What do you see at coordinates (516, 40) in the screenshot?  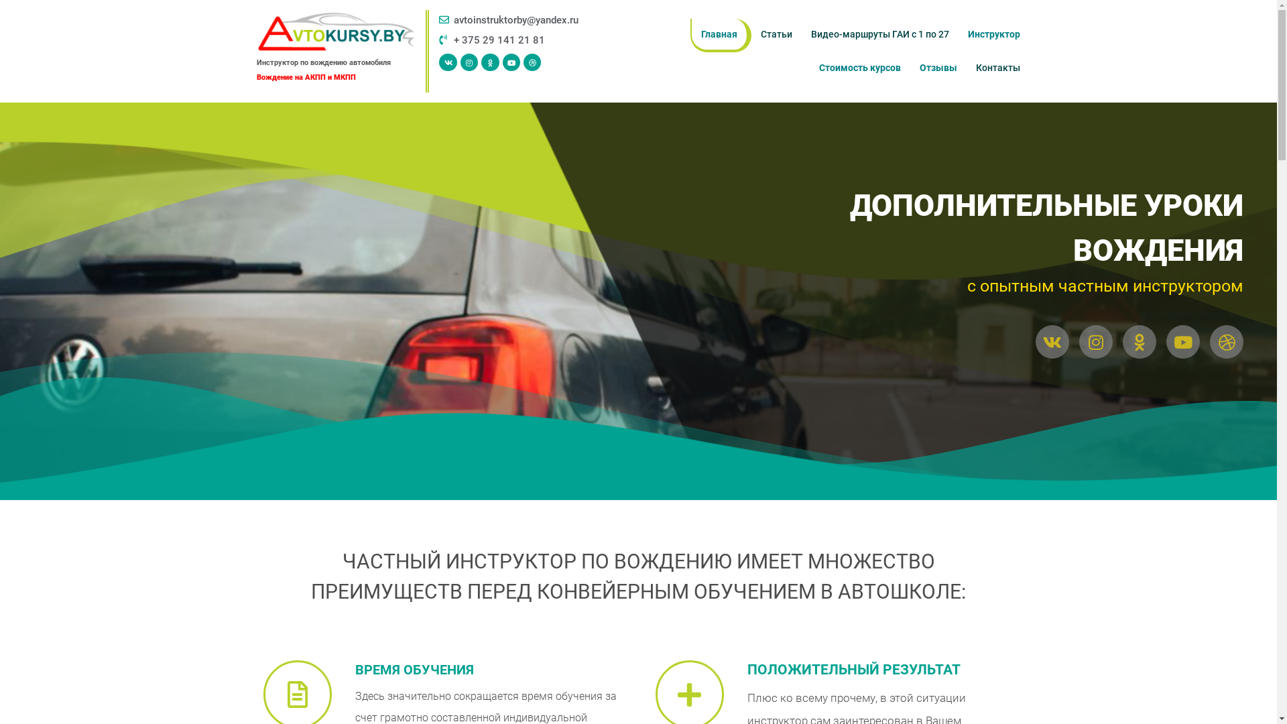 I see `'+ 375 29 141 21 81'` at bounding box center [516, 40].